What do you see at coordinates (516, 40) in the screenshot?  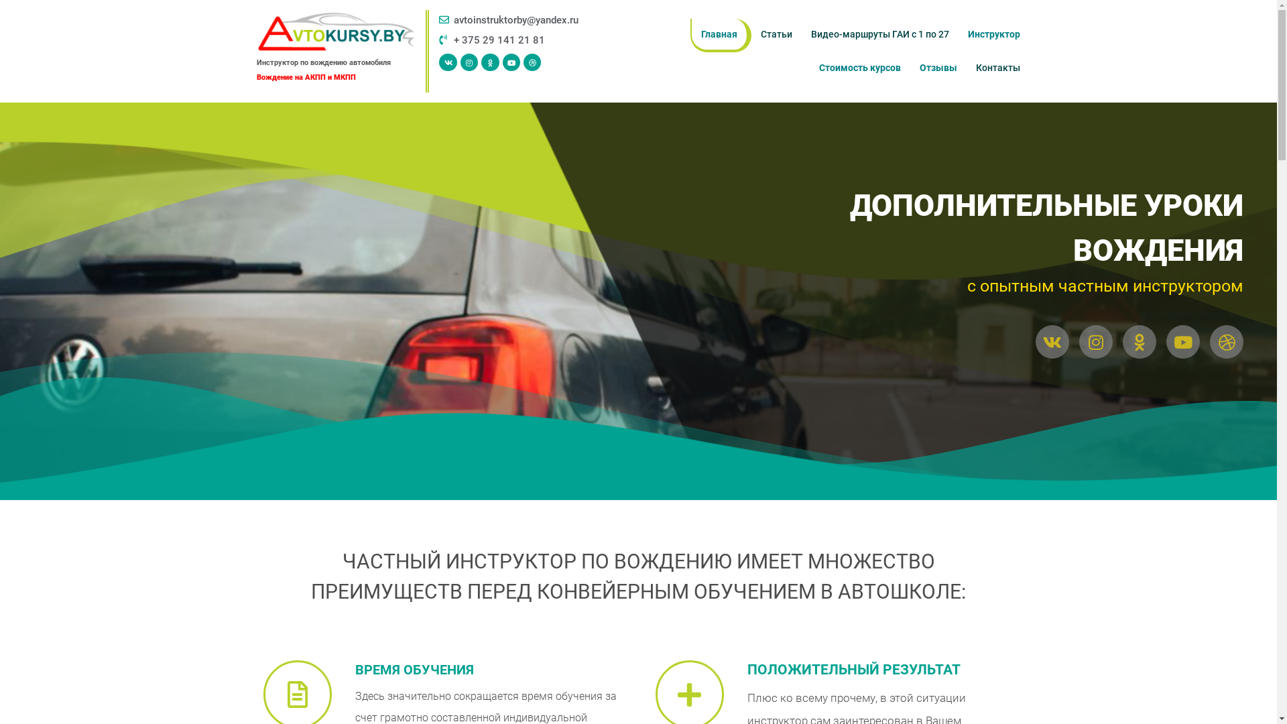 I see `'+ 375 29 141 21 81'` at bounding box center [516, 40].